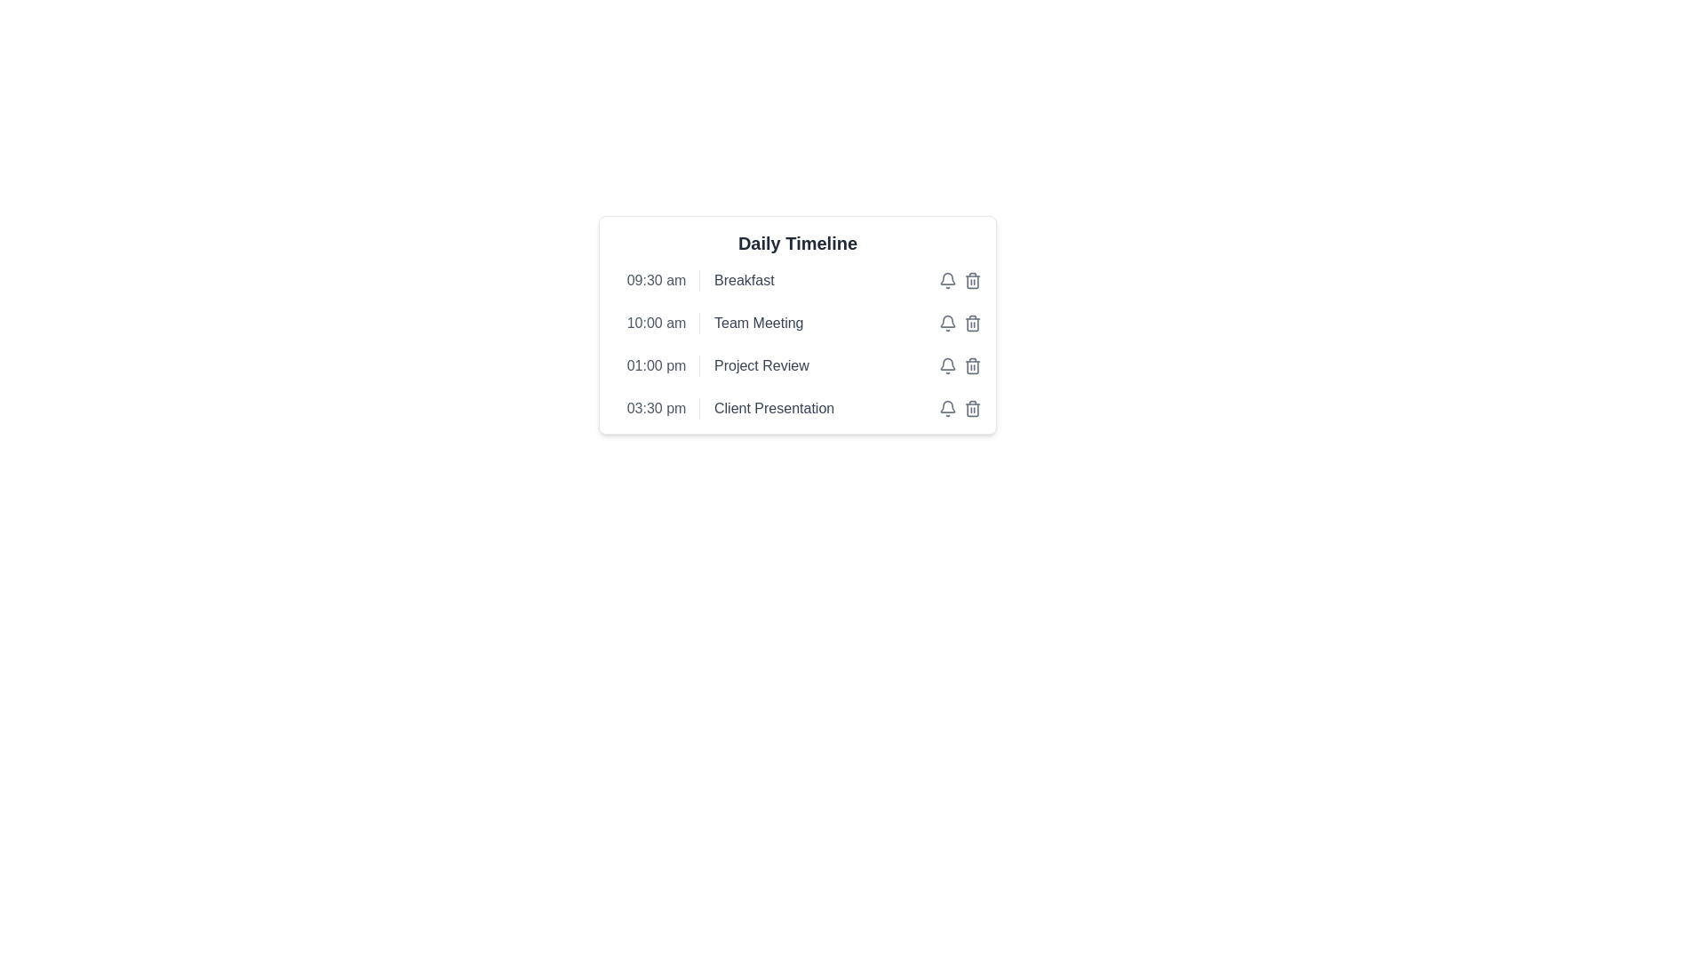 This screenshot has width=1706, height=960. What do you see at coordinates (946, 406) in the screenshot?
I see `the bell notification icon located in the last row of the list, adjacent to the '03:30 pm Client Presentation' entry` at bounding box center [946, 406].